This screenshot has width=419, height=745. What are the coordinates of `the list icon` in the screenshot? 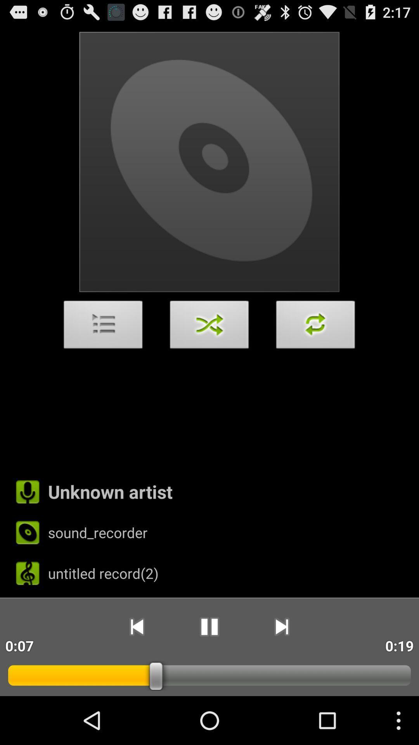 It's located at (103, 349).